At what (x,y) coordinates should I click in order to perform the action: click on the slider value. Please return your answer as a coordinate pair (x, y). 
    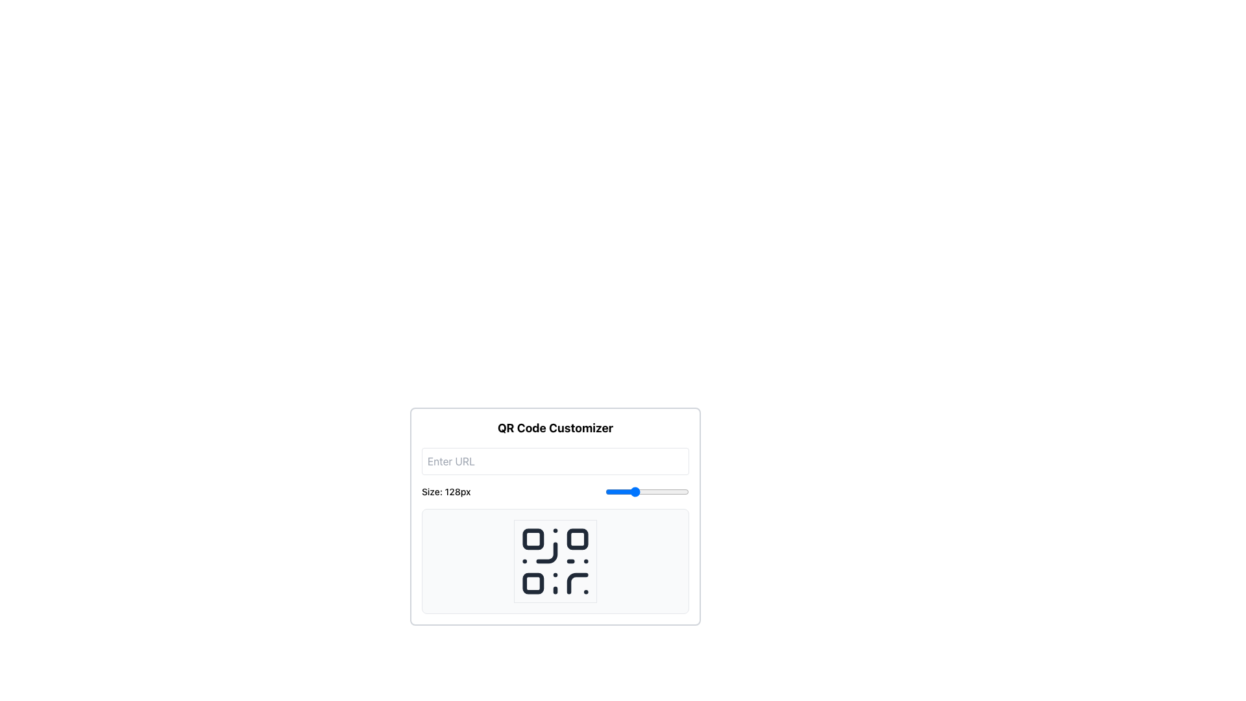
    Looking at the image, I should click on (658, 492).